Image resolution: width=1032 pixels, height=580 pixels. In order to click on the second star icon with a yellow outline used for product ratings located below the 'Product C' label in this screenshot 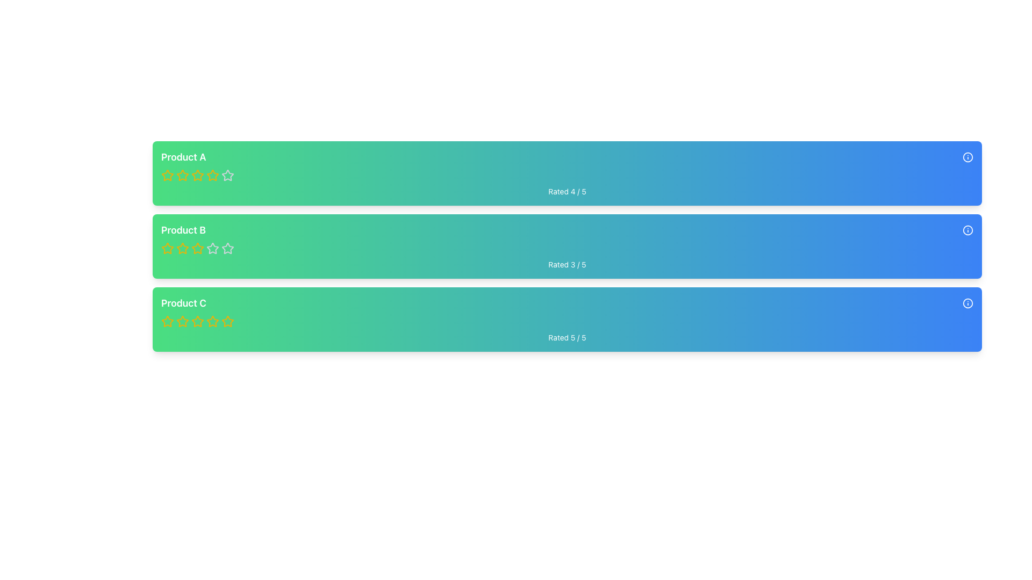, I will do `click(183, 321)`.